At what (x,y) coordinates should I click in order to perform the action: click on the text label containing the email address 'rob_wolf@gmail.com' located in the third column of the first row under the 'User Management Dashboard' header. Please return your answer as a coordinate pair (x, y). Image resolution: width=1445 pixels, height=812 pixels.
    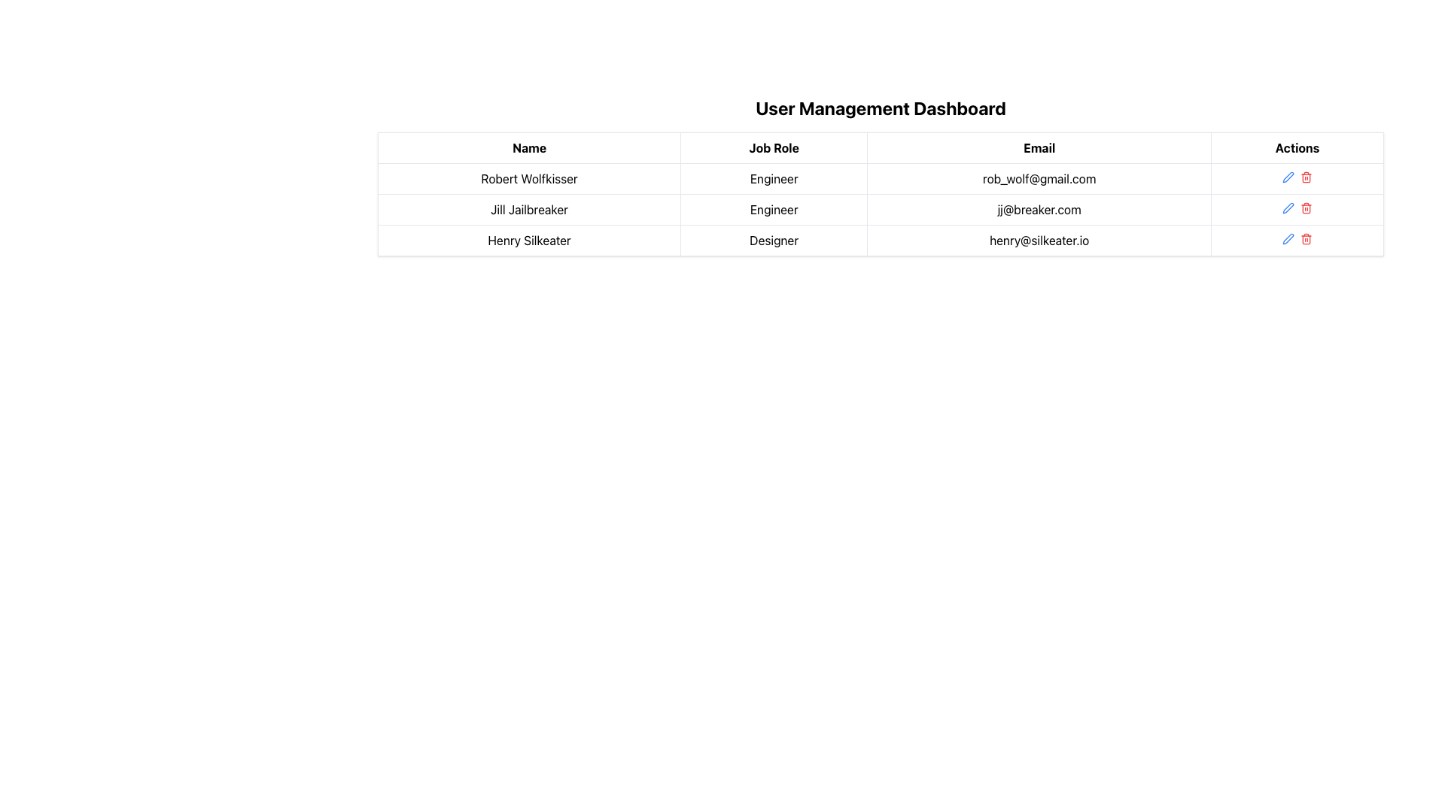
    Looking at the image, I should click on (1039, 178).